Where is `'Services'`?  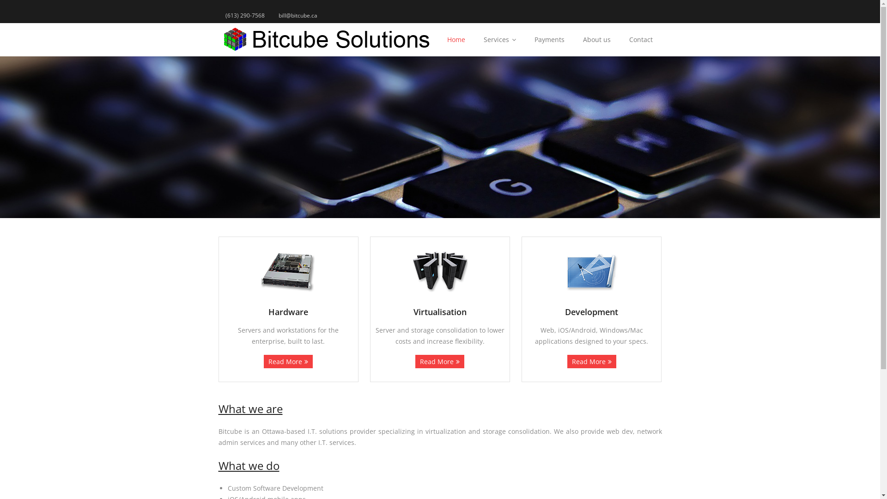 'Services' is located at coordinates (498, 39).